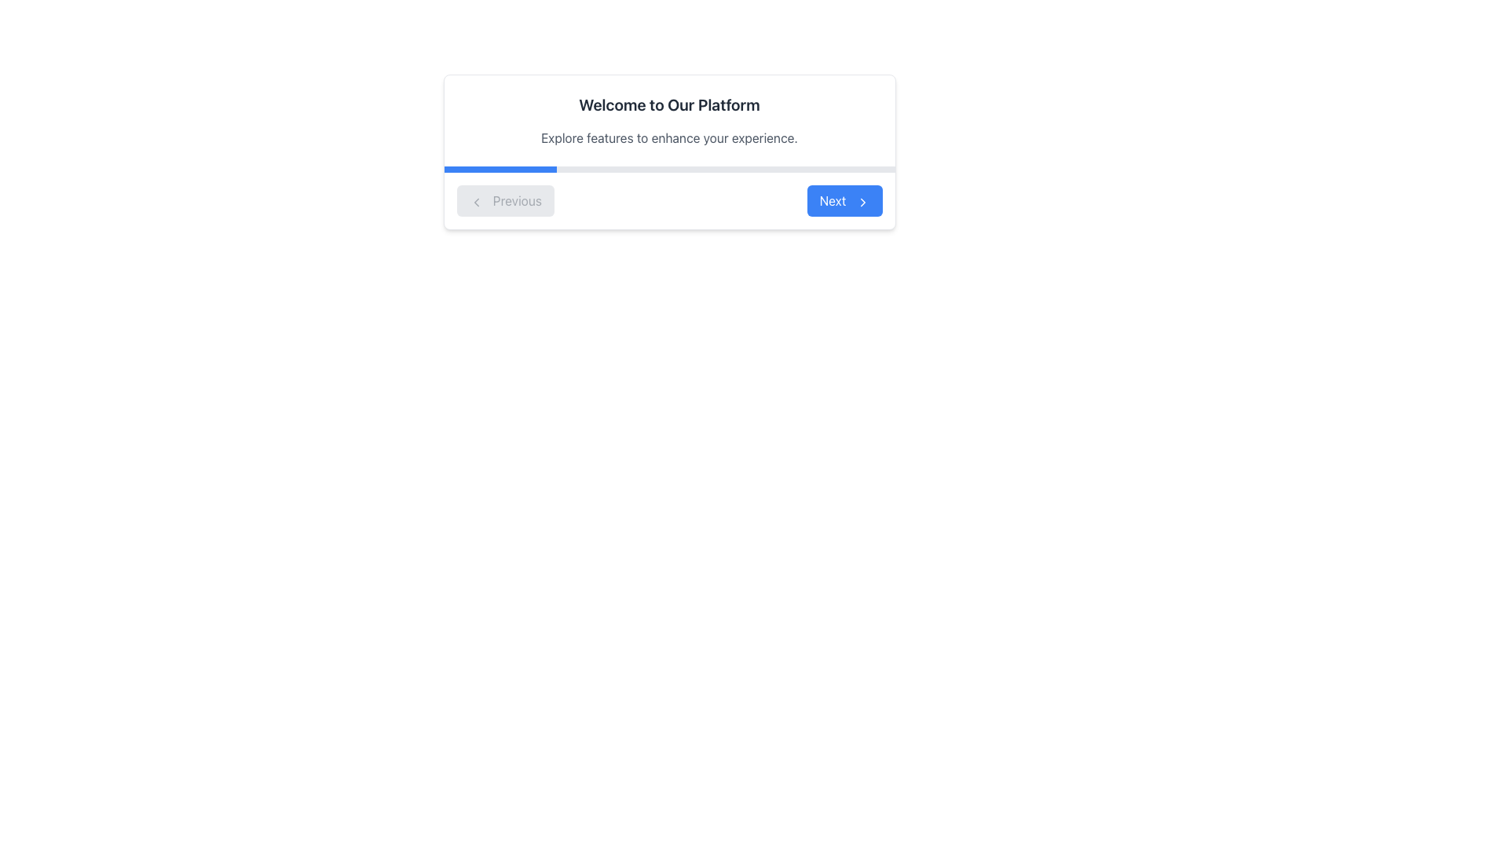  Describe the element at coordinates (669, 137) in the screenshot. I see `the Text Label displaying 'Explore features to enhance your experience.' which is located below the heading 'Welcome to Our Platform.'` at that location.